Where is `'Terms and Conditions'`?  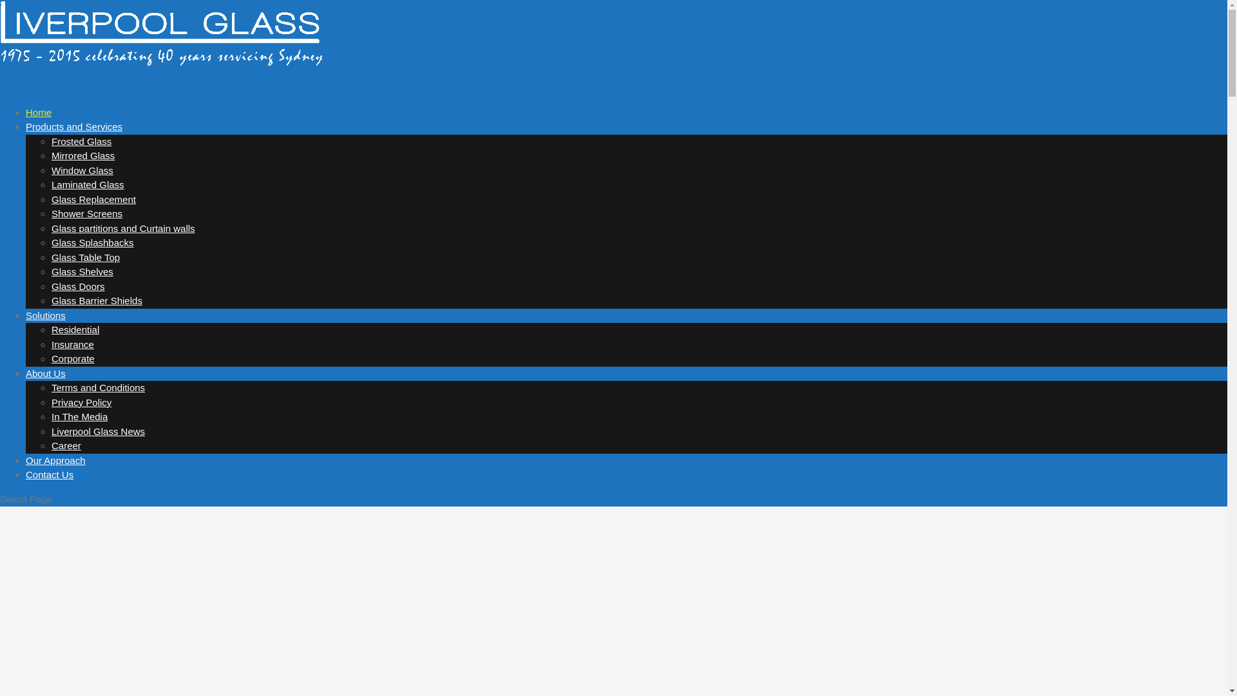 'Terms and Conditions' is located at coordinates (52, 387).